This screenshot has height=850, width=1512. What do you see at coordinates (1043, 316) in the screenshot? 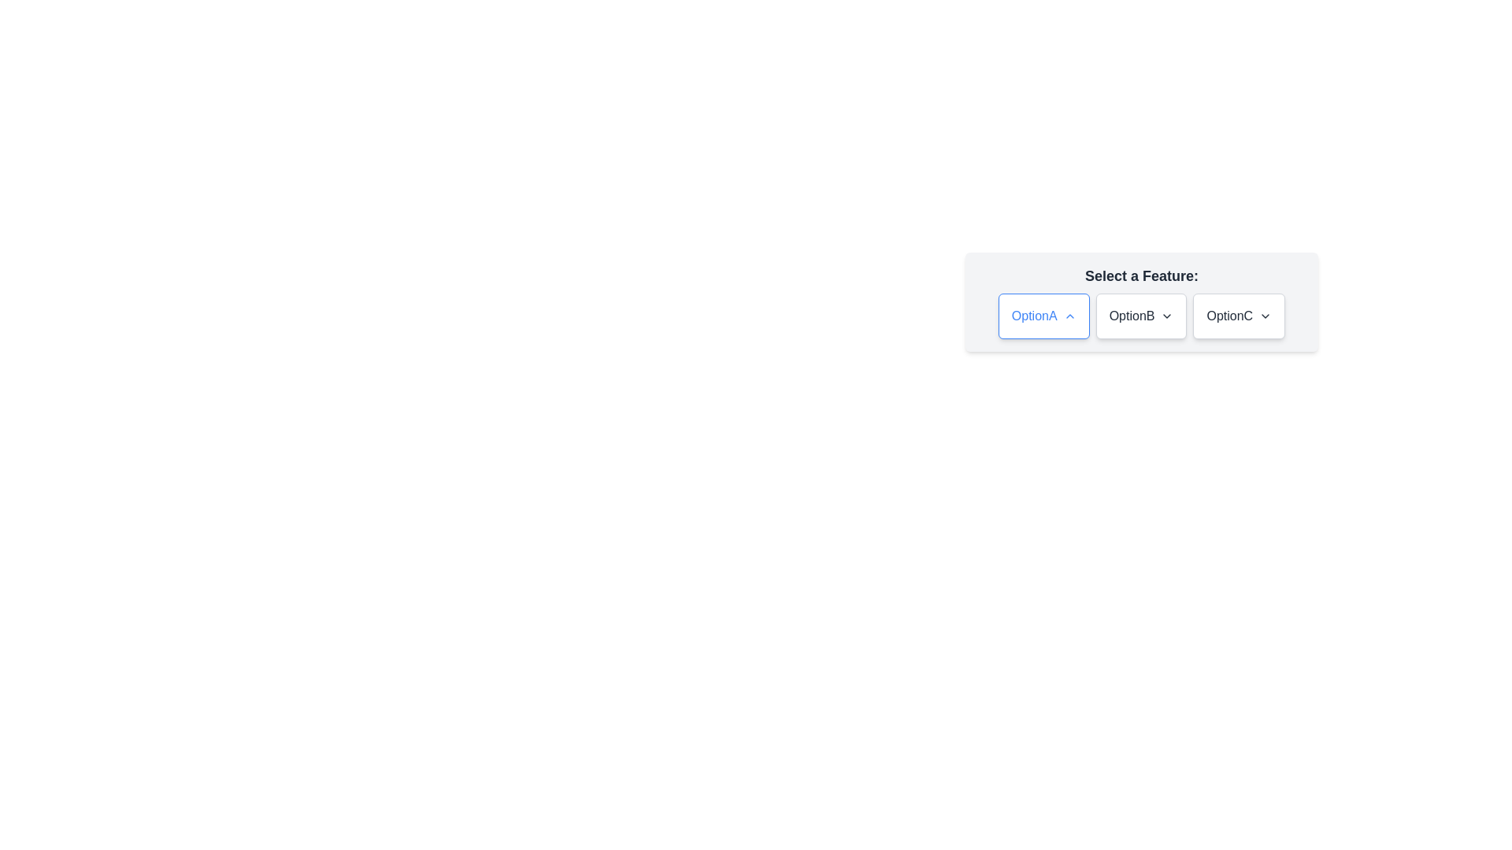
I see `the 'OptionA' button, which is a rectangular button with a white background, blue border, and rounded corners, displaying the text 'OptionA' in blue on the left with an upward-pointing chevron icon` at bounding box center [1043, 316].